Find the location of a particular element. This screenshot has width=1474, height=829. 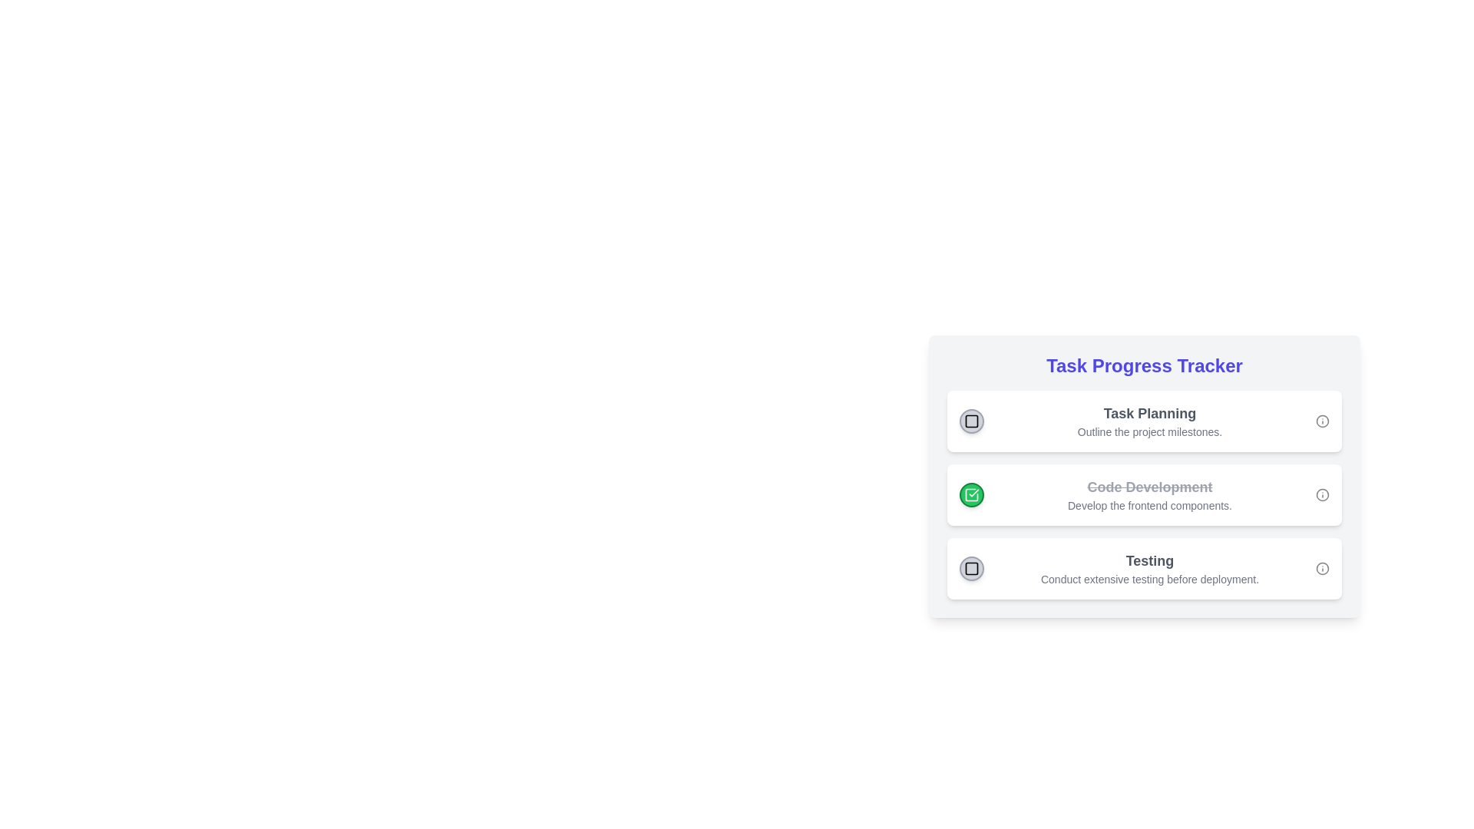

the text label displaying 'Testing', which is styled in bold and larger font, located on the third row of a vertical list in the task progress tracking component is located at coordinates (1149, 561).